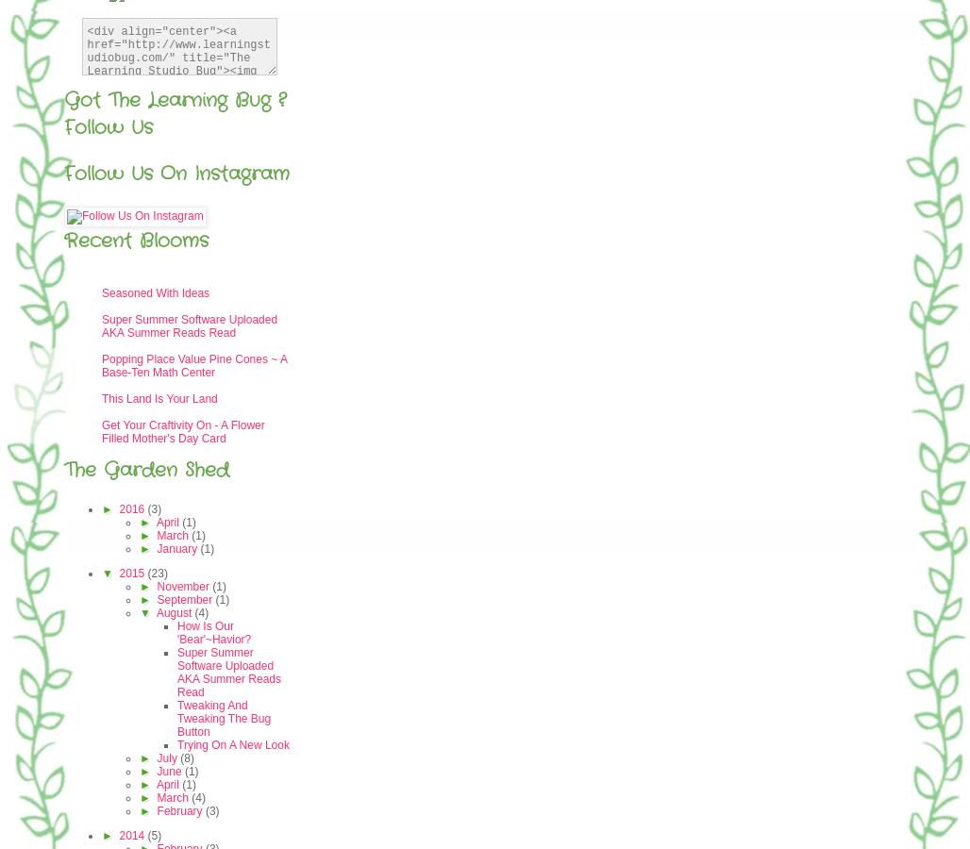 The image size is (970, 849). Describe the element at coordinates (170, 771) in the screenshot. I see `'June'` at that location.